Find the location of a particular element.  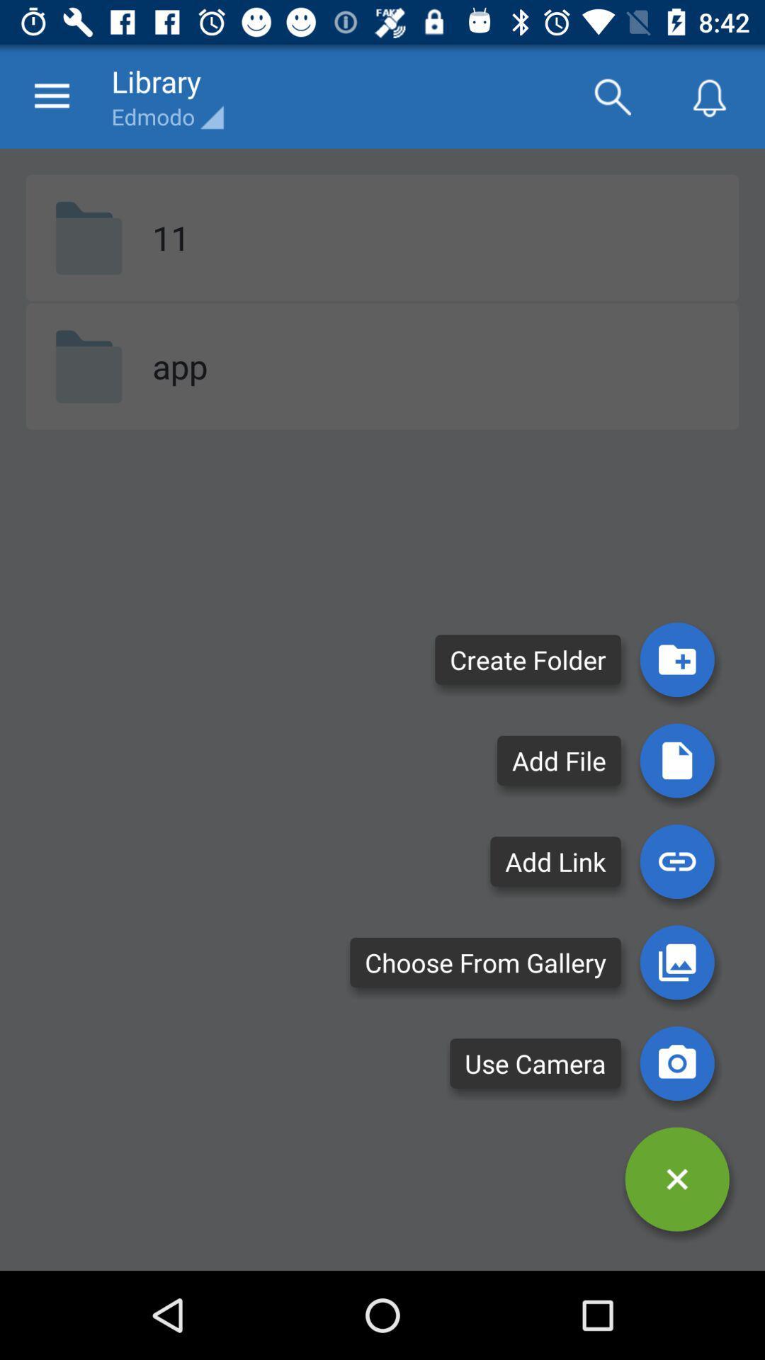

the item above the app item is located at coordinates (170, 237).